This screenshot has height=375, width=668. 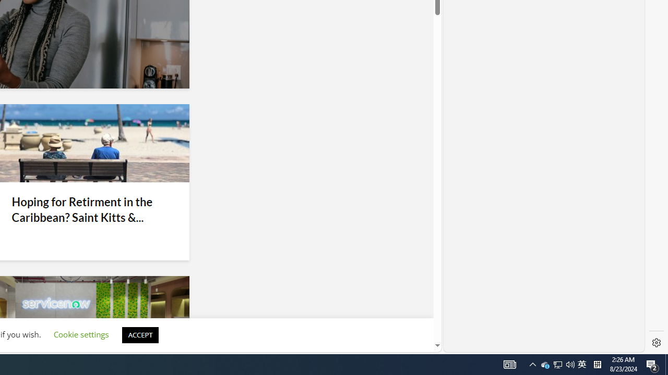 I want to click on 'ACCEPT', so click(x=139, y=335).